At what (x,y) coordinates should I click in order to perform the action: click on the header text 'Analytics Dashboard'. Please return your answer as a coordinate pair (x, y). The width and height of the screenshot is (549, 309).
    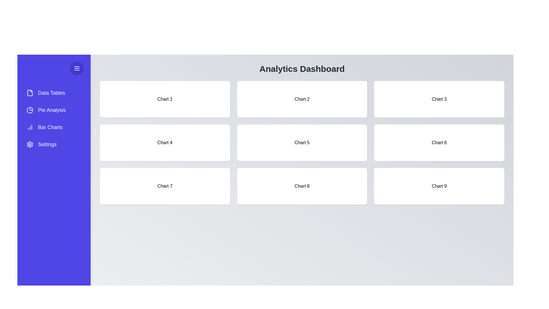
    Looking at the image, I should click on (302, 68).